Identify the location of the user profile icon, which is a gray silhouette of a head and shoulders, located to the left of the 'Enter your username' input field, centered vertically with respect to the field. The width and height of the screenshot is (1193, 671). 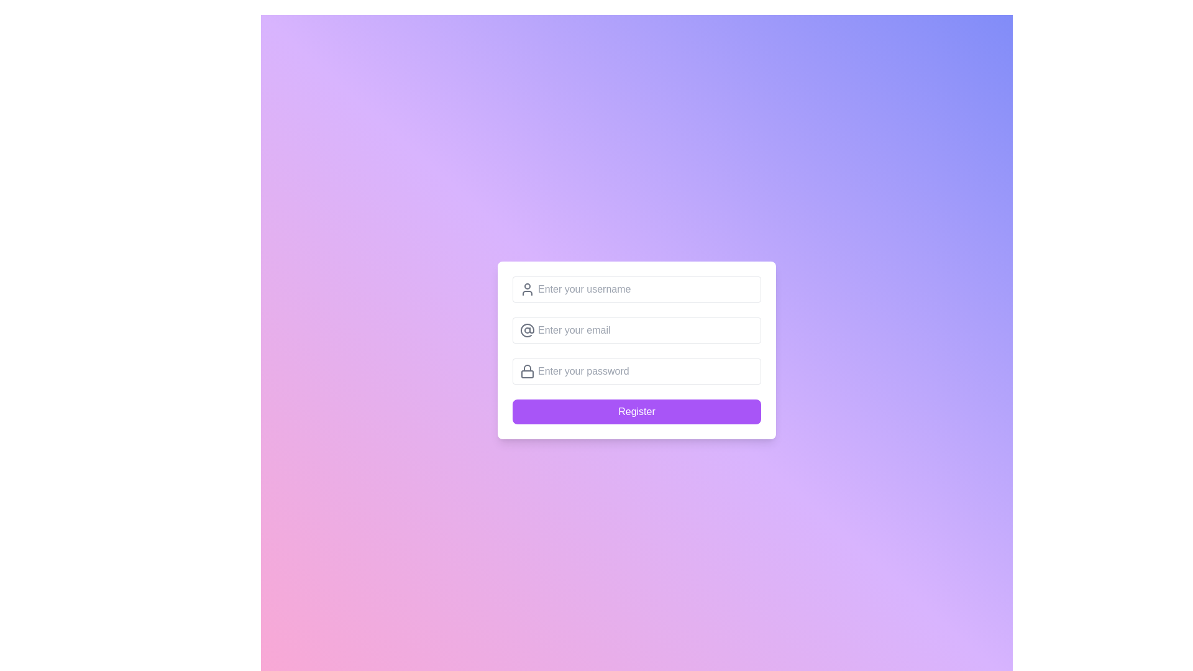
(528, 290).